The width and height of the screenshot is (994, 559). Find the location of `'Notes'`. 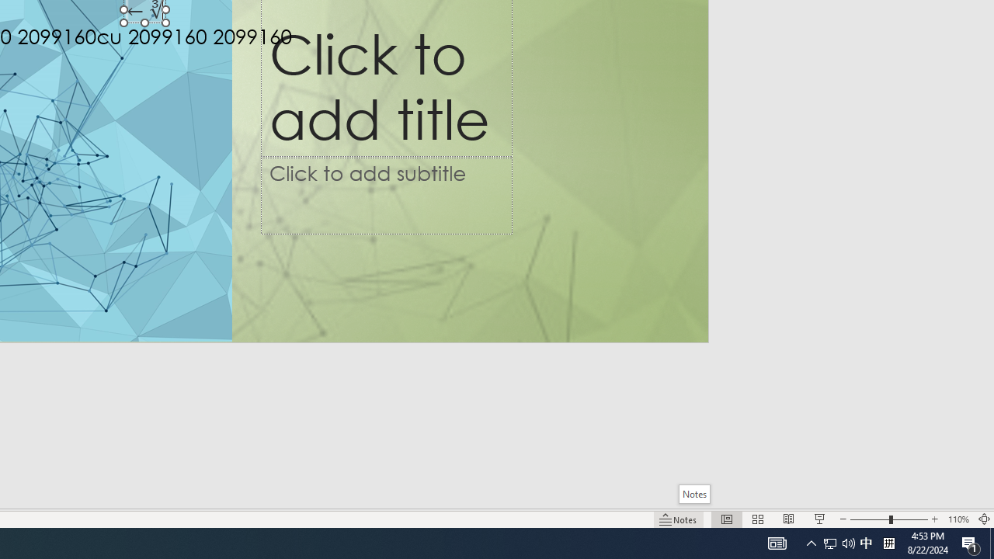

'Notes' is located at coordinates (693, 494).